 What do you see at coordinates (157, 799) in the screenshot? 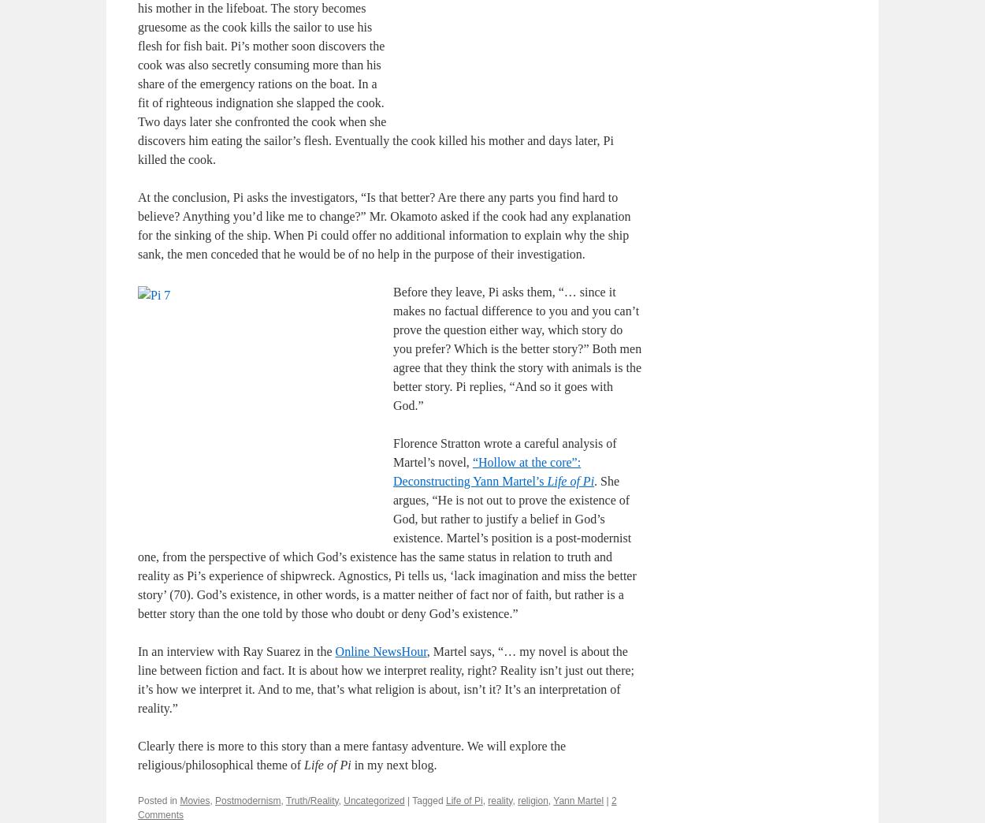
I see `'Posted in'` at bounding box center [157, 799].